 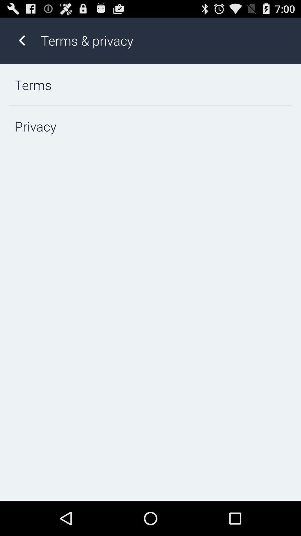 What do you see at coordinates (165, 40) in the screenshot?
I see `terms & privacy icon` at bounding box center [165, 40].